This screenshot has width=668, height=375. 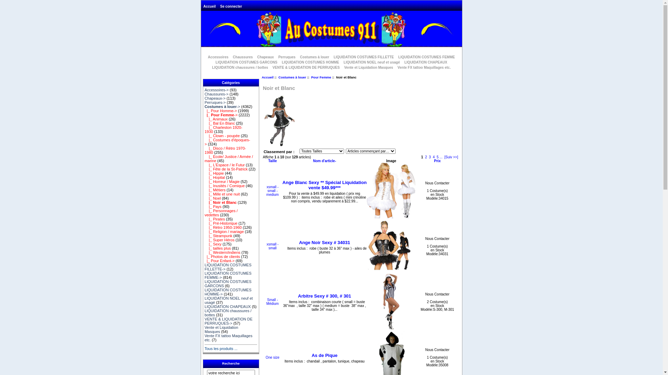 What do you see at coordinates (432, 157) in the screenshot?
I see `'4'` at bounding box center [432, 157].